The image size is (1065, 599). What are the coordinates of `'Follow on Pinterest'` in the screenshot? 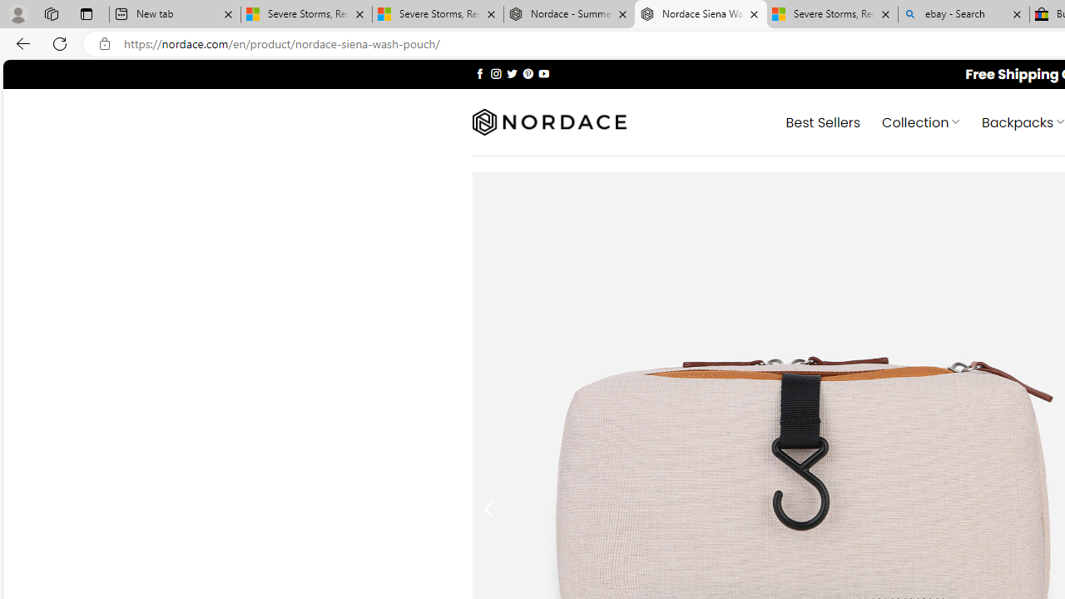 It's located at (527, 72).